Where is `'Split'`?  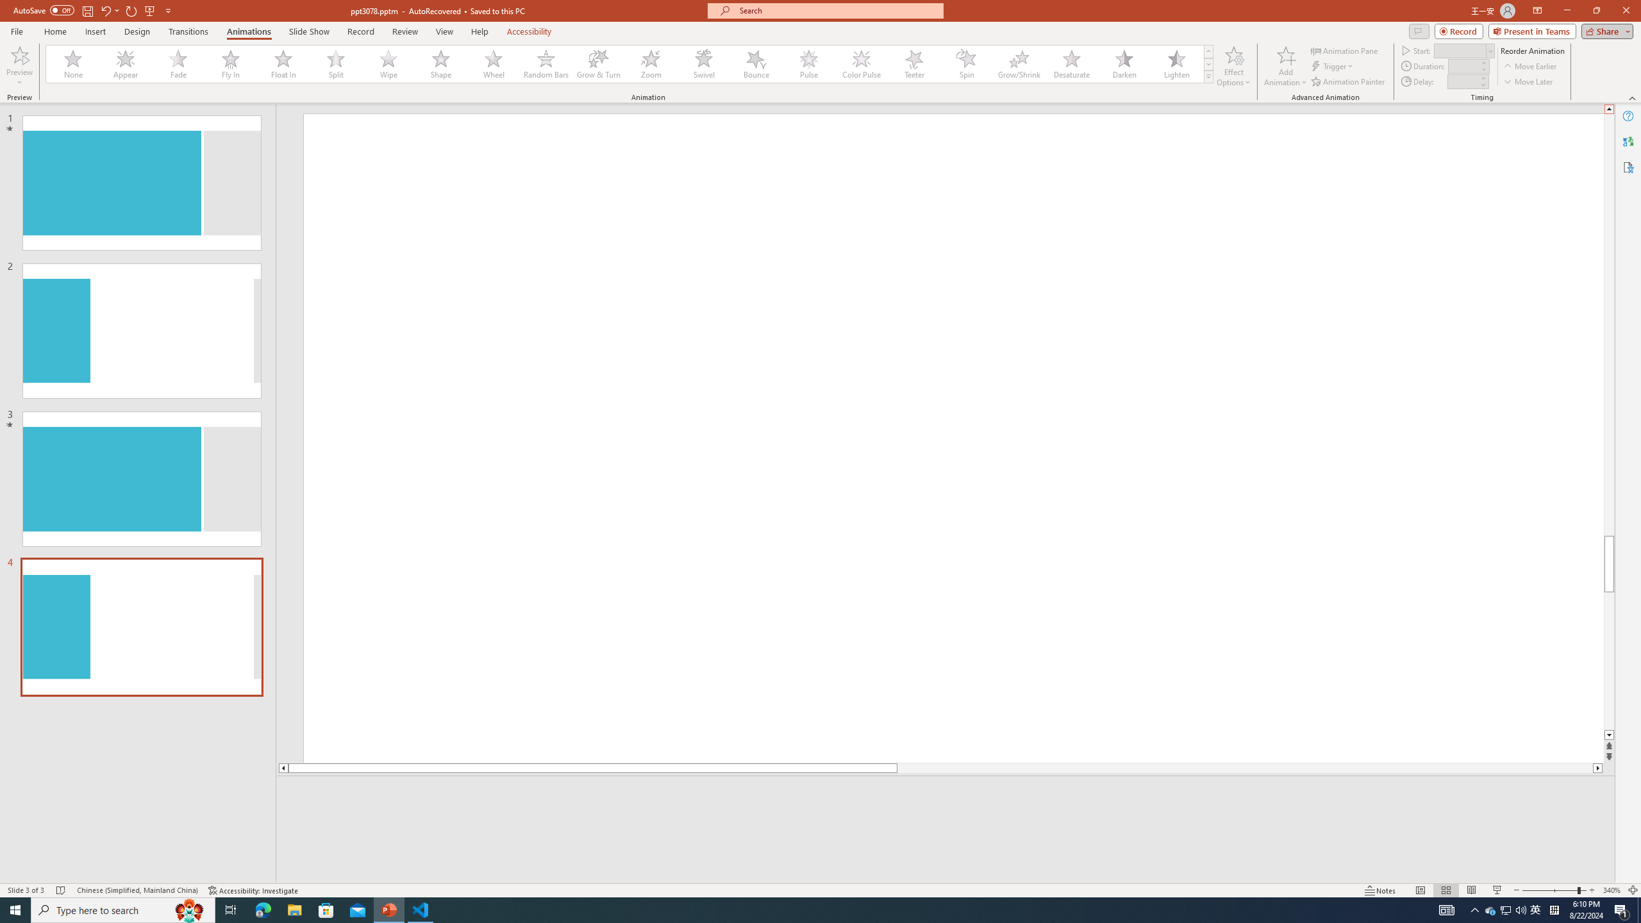
'Split' is located at coordinates (335, 63).